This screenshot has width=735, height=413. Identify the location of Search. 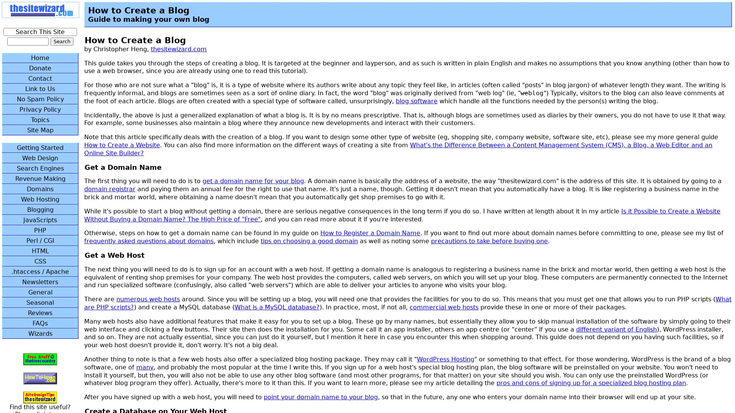
(62, 41).